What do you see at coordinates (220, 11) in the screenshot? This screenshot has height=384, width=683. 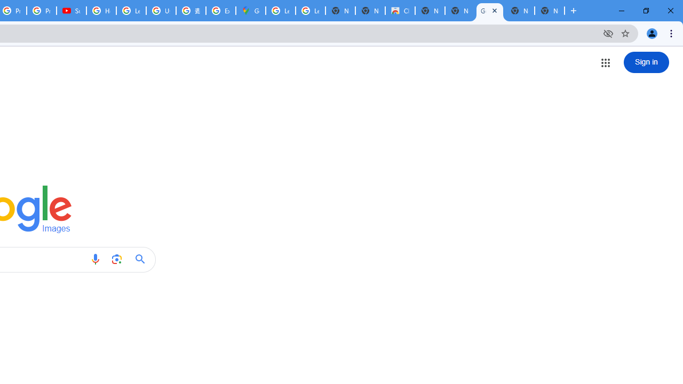 I see `'Explore new street-level details - Google Maps Help'` at bounding box center [220, 11].